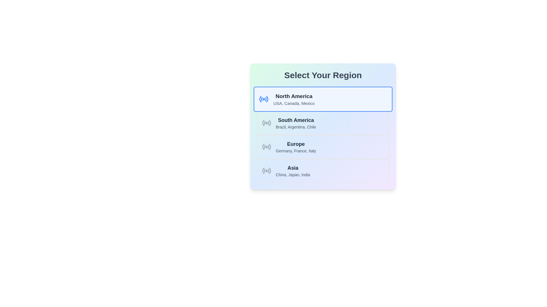 The width and height of the screenshot is (547, 307). Describe the element at coordinates (264, 99) in the screenshot. I see `the vibrant blue radio signal icon located to the left of the 'North America' label in the selection card to gain an understanding of the selection status` at that location.